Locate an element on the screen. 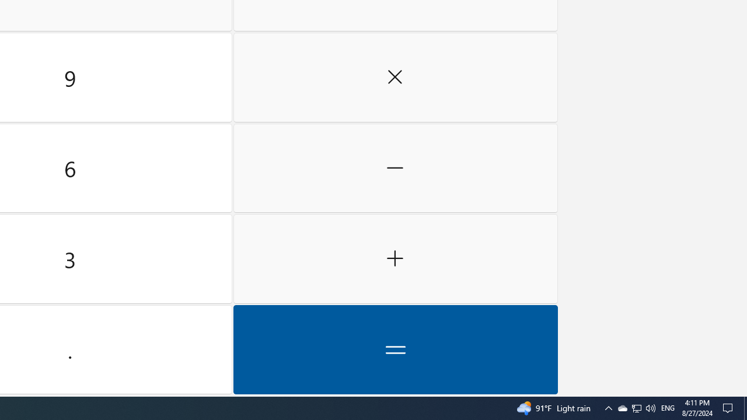 Image resolution: width=747 pixels, height=420 pixels. 'Tray Input Indicator - English (United States)' is located at coordinates (668, 407).